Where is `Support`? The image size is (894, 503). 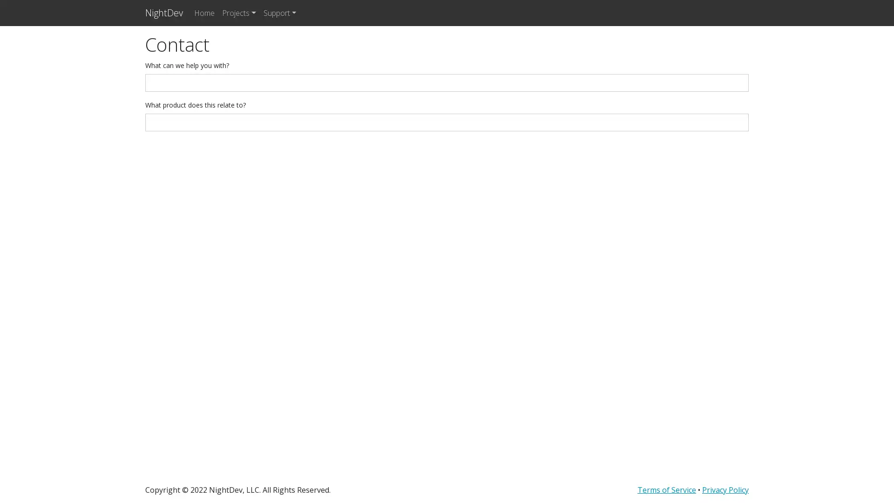
Support is located at coordinates (279, 13).